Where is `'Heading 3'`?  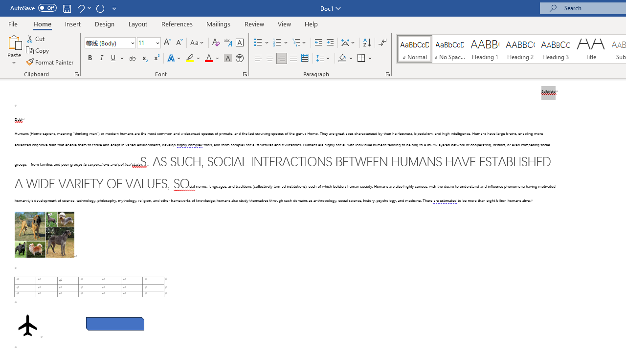
'Heading 3' is located at coordinates (556, 49).